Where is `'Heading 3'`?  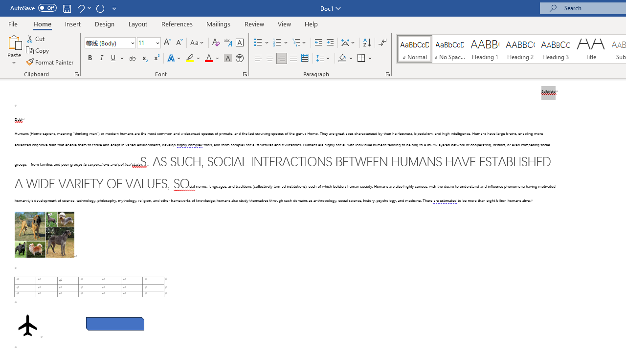
'Heading 3' is located at coordinates (556, 49).